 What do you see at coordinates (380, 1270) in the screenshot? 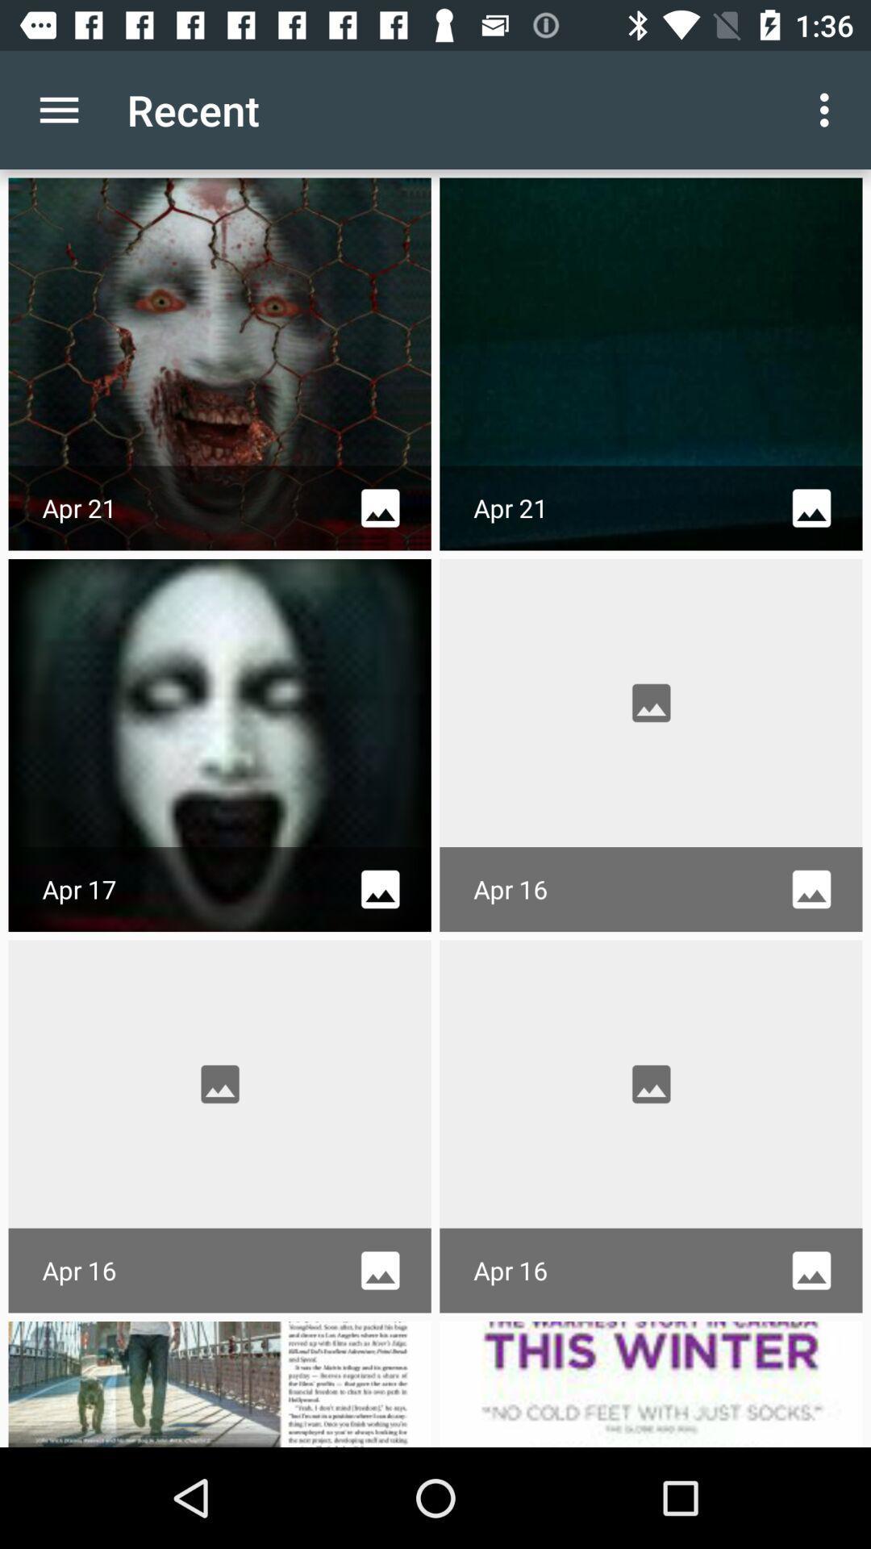
I see `image icon beside apr 16` at bounding box center [380, 1270].